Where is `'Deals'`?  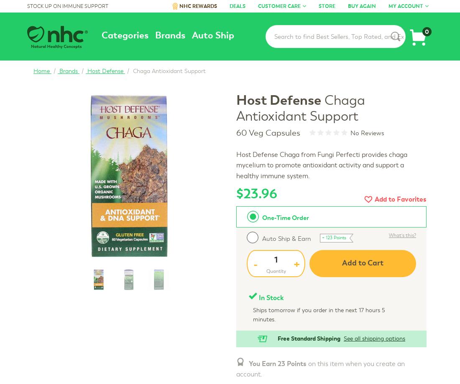 'Deals' is located at coordinates (237, 6).